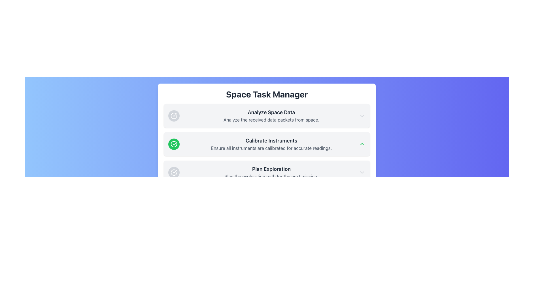  I want to click on circular graphical icon that is a segment of a circle, located to the left of the 'Calibrate Instruments' task item in the task management interface, so click(174, 144).